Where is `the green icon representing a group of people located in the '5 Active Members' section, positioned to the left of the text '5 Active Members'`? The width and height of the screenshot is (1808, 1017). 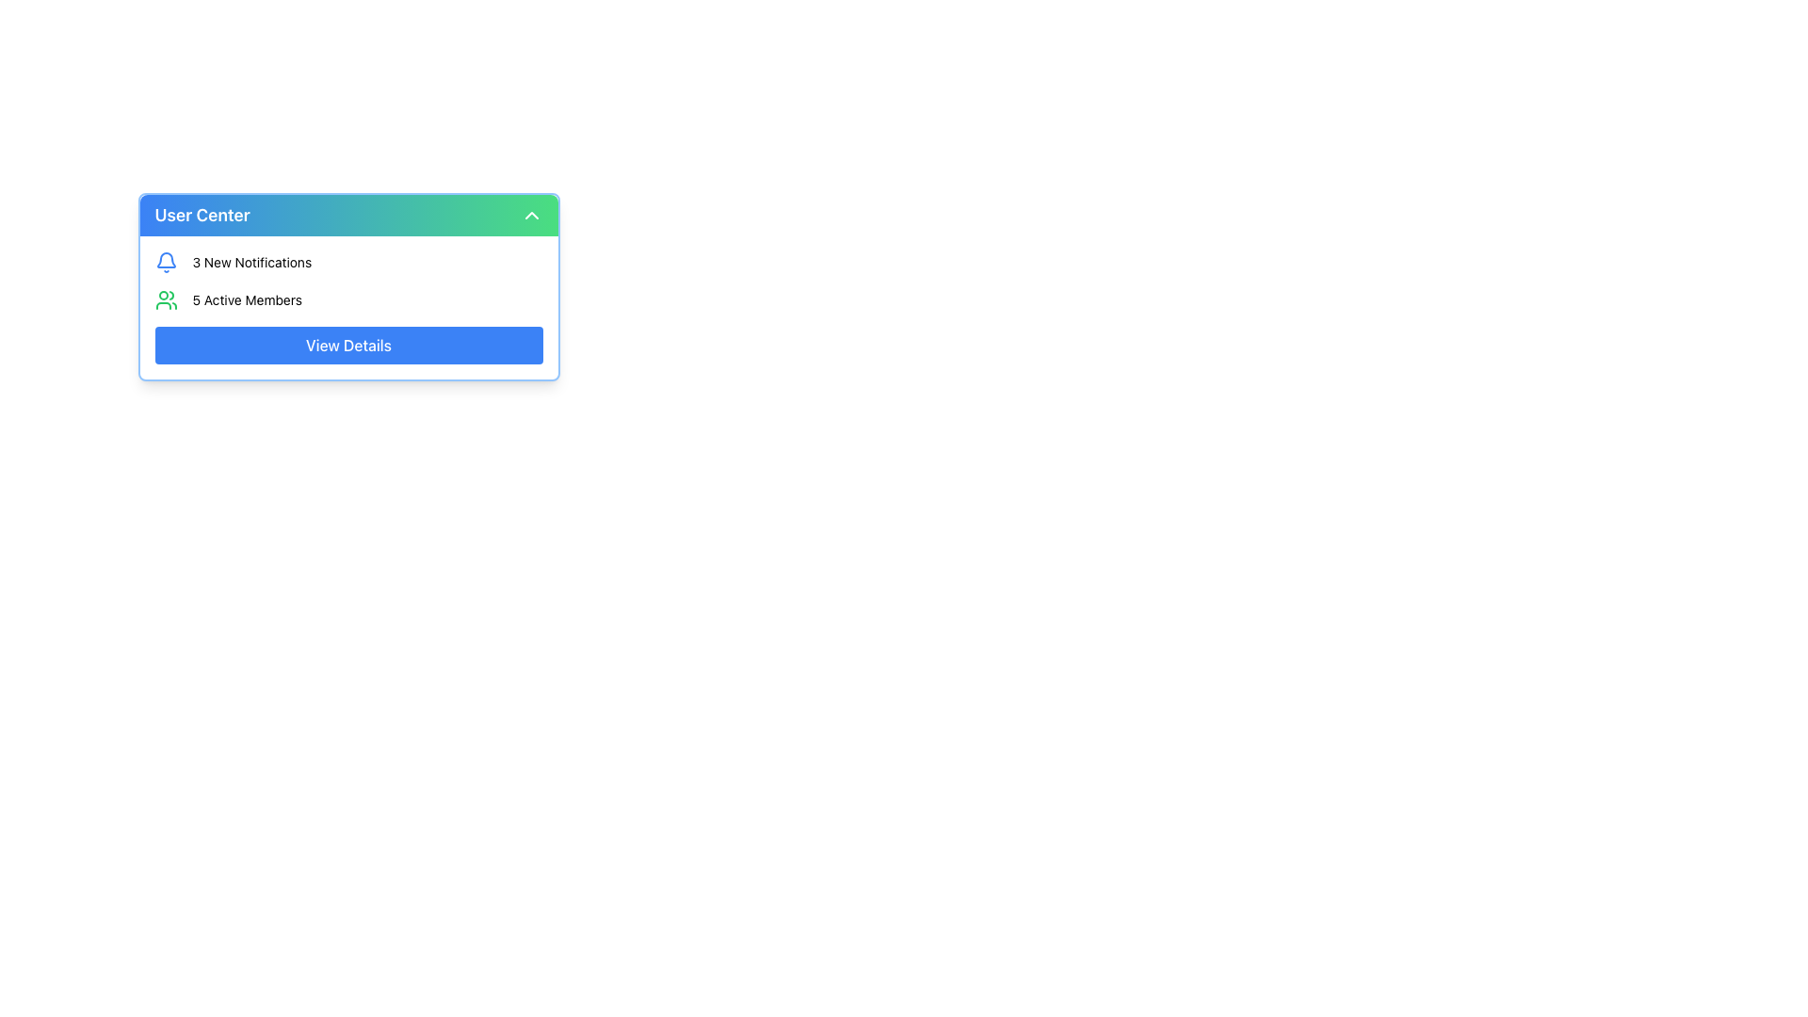 the green icon representing a group of people located in the '5 Active Members' section, positioned to the left of the text '5 Active Members' is located at coordinates (166, 299).